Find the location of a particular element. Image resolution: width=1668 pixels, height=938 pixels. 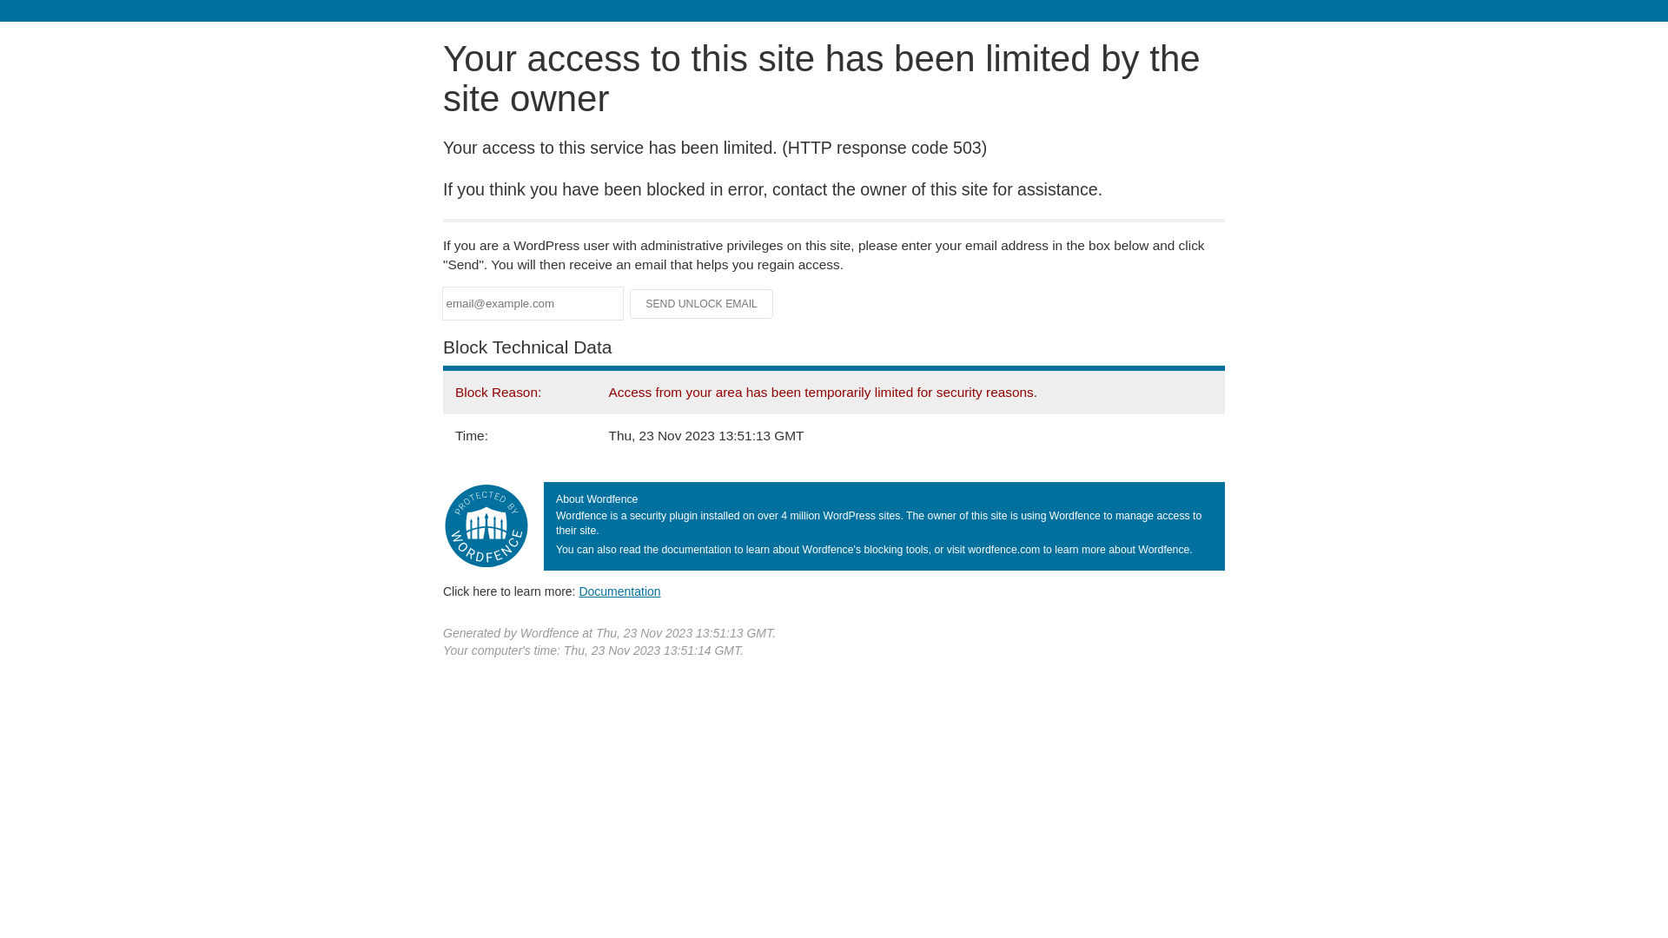

'Documentation' is located at coordinates (619, 591).